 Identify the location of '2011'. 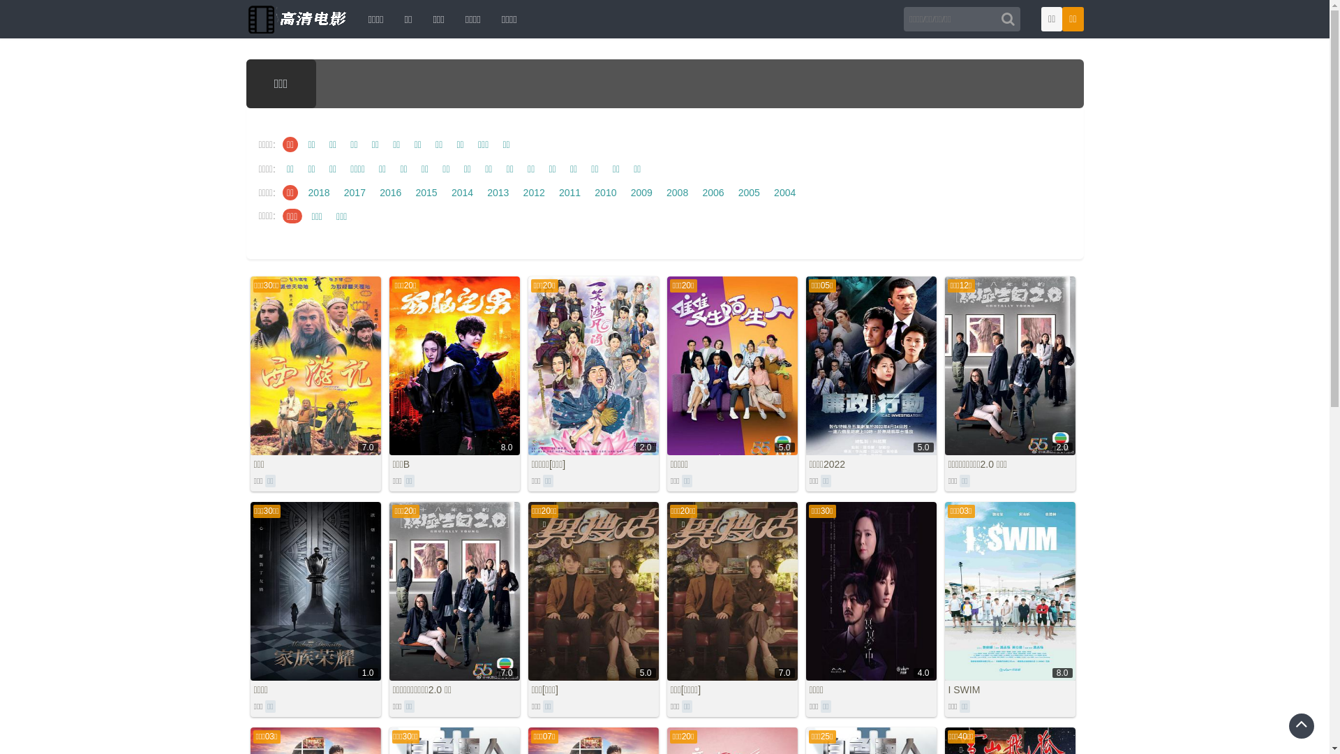
(569, 193).